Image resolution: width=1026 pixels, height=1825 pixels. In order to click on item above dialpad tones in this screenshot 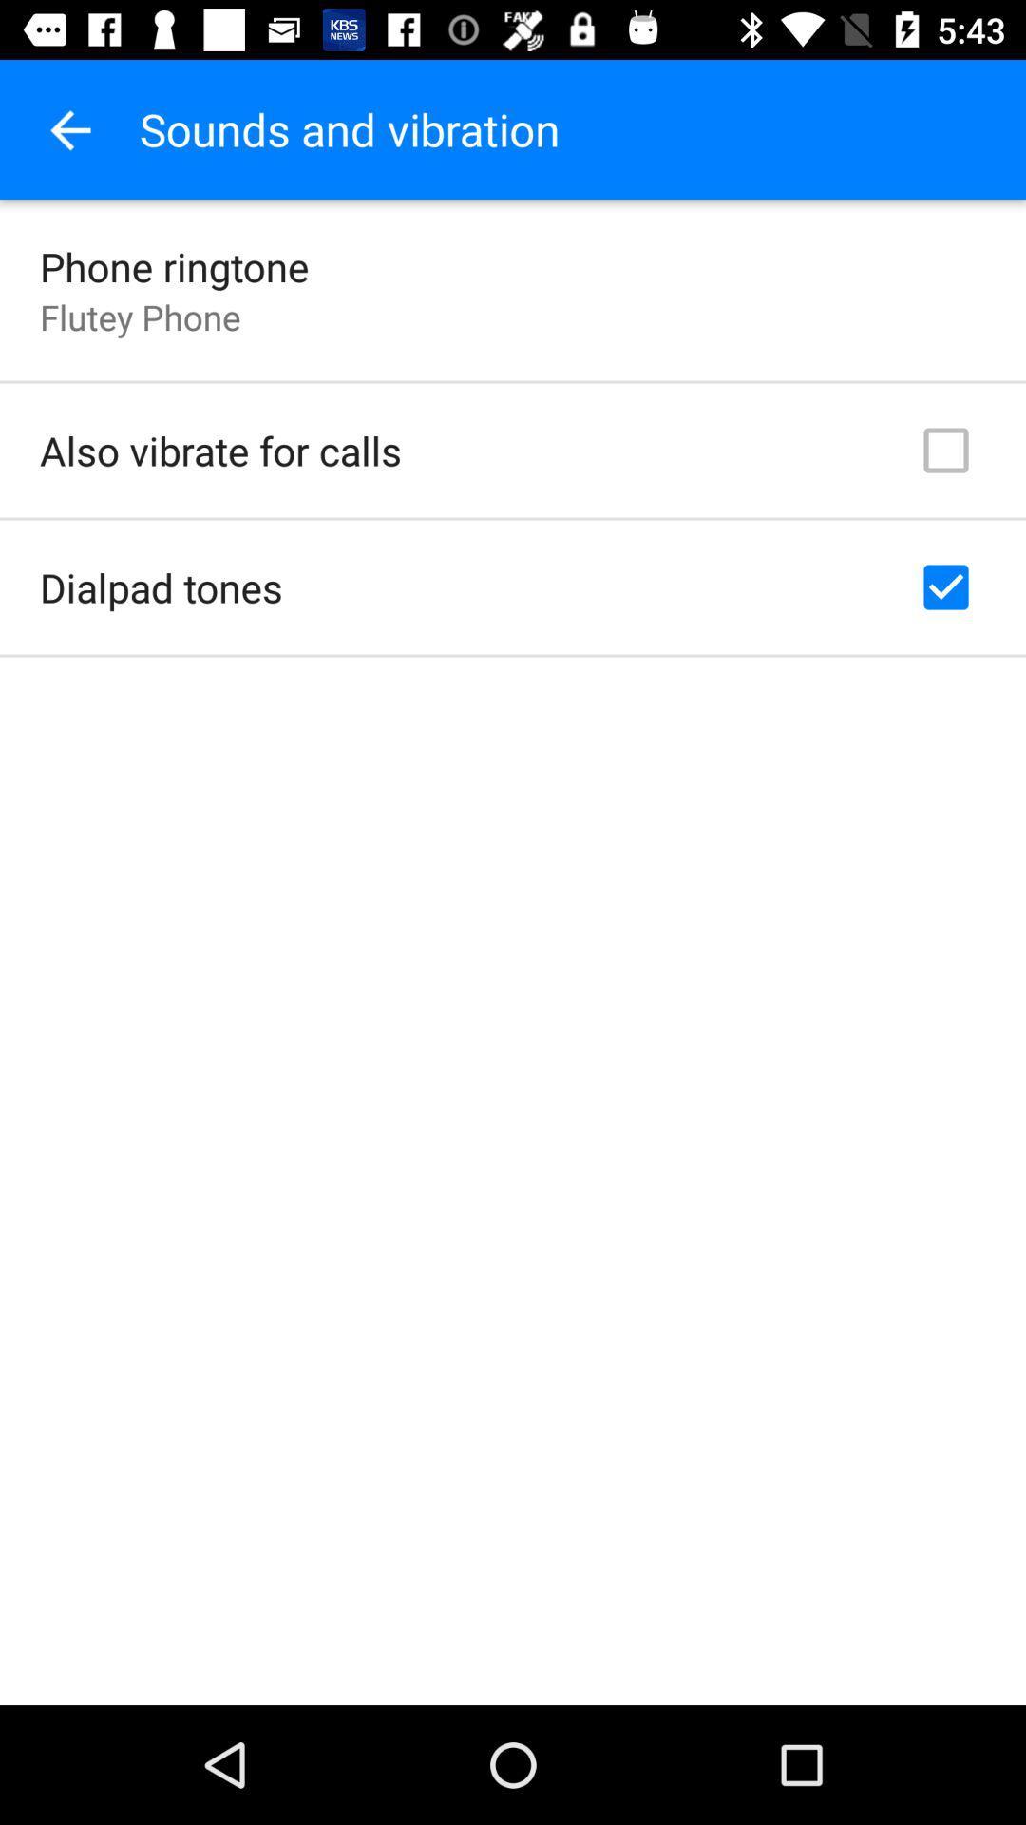, I will do `click(219, 450)`.